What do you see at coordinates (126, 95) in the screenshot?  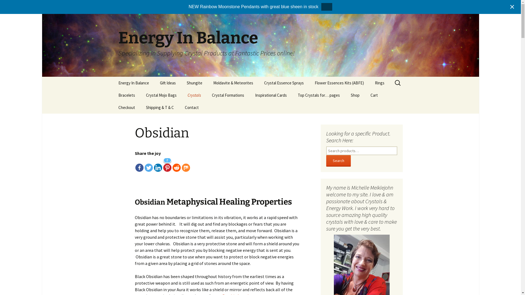 I see `'Bracelets'` at bounding box center [126, 95].